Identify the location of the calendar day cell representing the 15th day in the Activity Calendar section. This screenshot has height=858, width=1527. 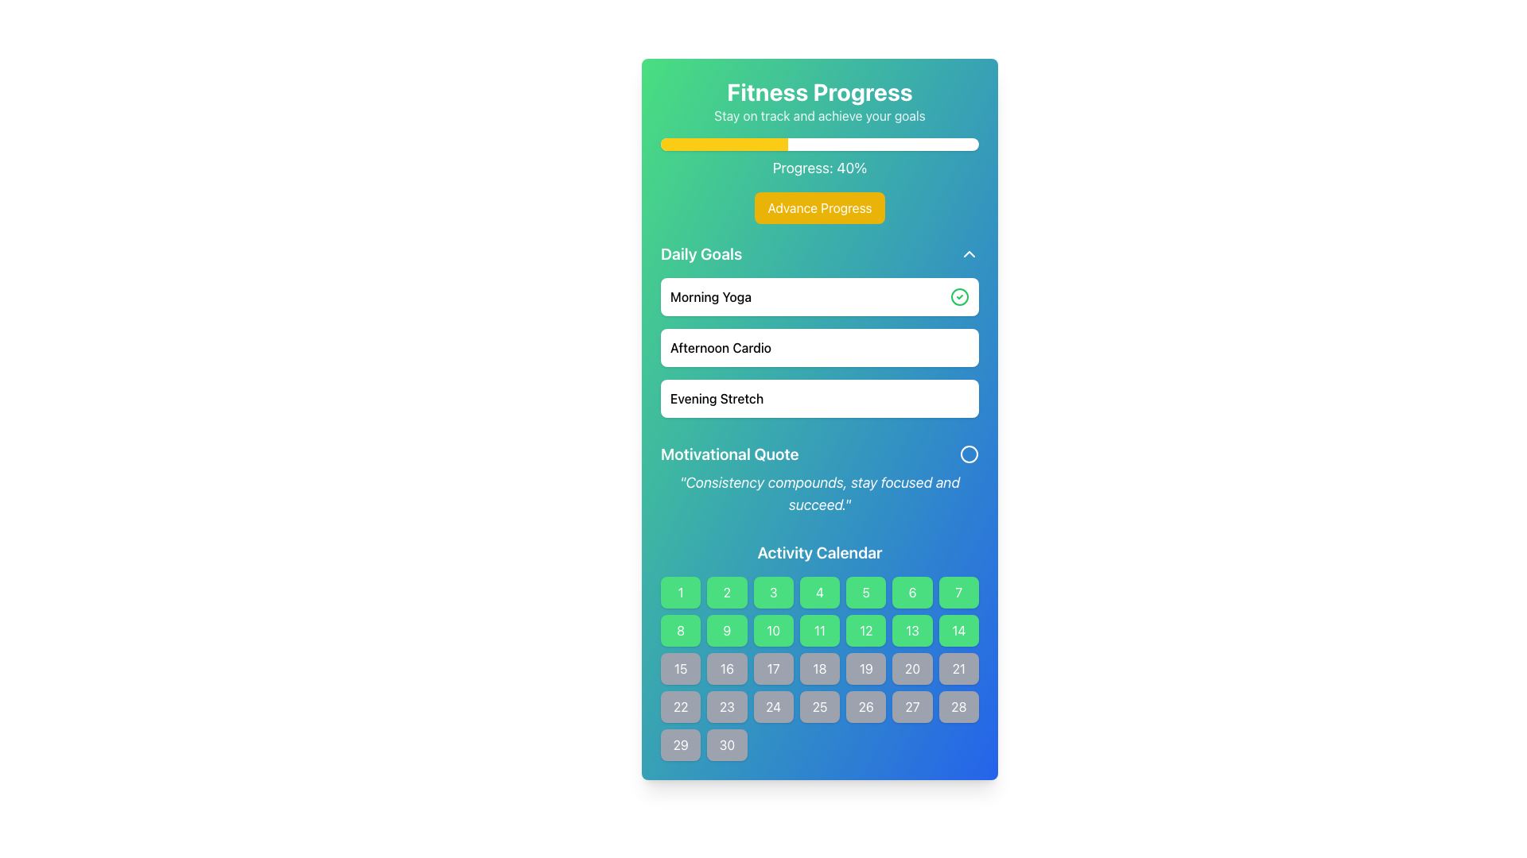
(681, 668).